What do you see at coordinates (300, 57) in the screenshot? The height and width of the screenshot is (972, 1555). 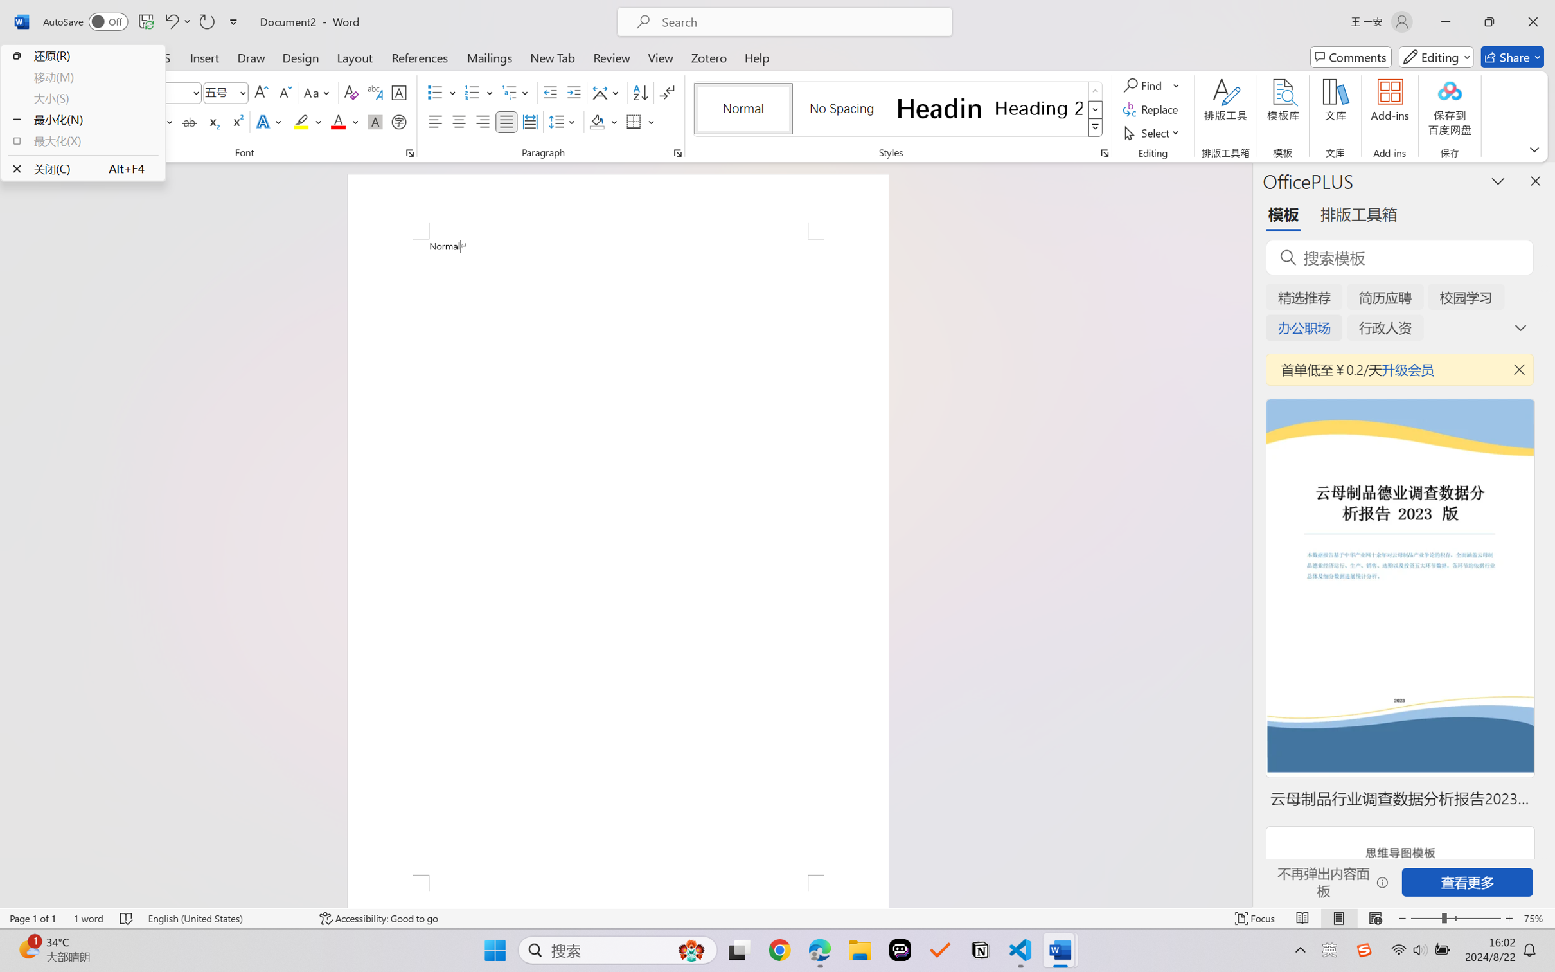 I see `'Design'` at bounding box center [300, 57].